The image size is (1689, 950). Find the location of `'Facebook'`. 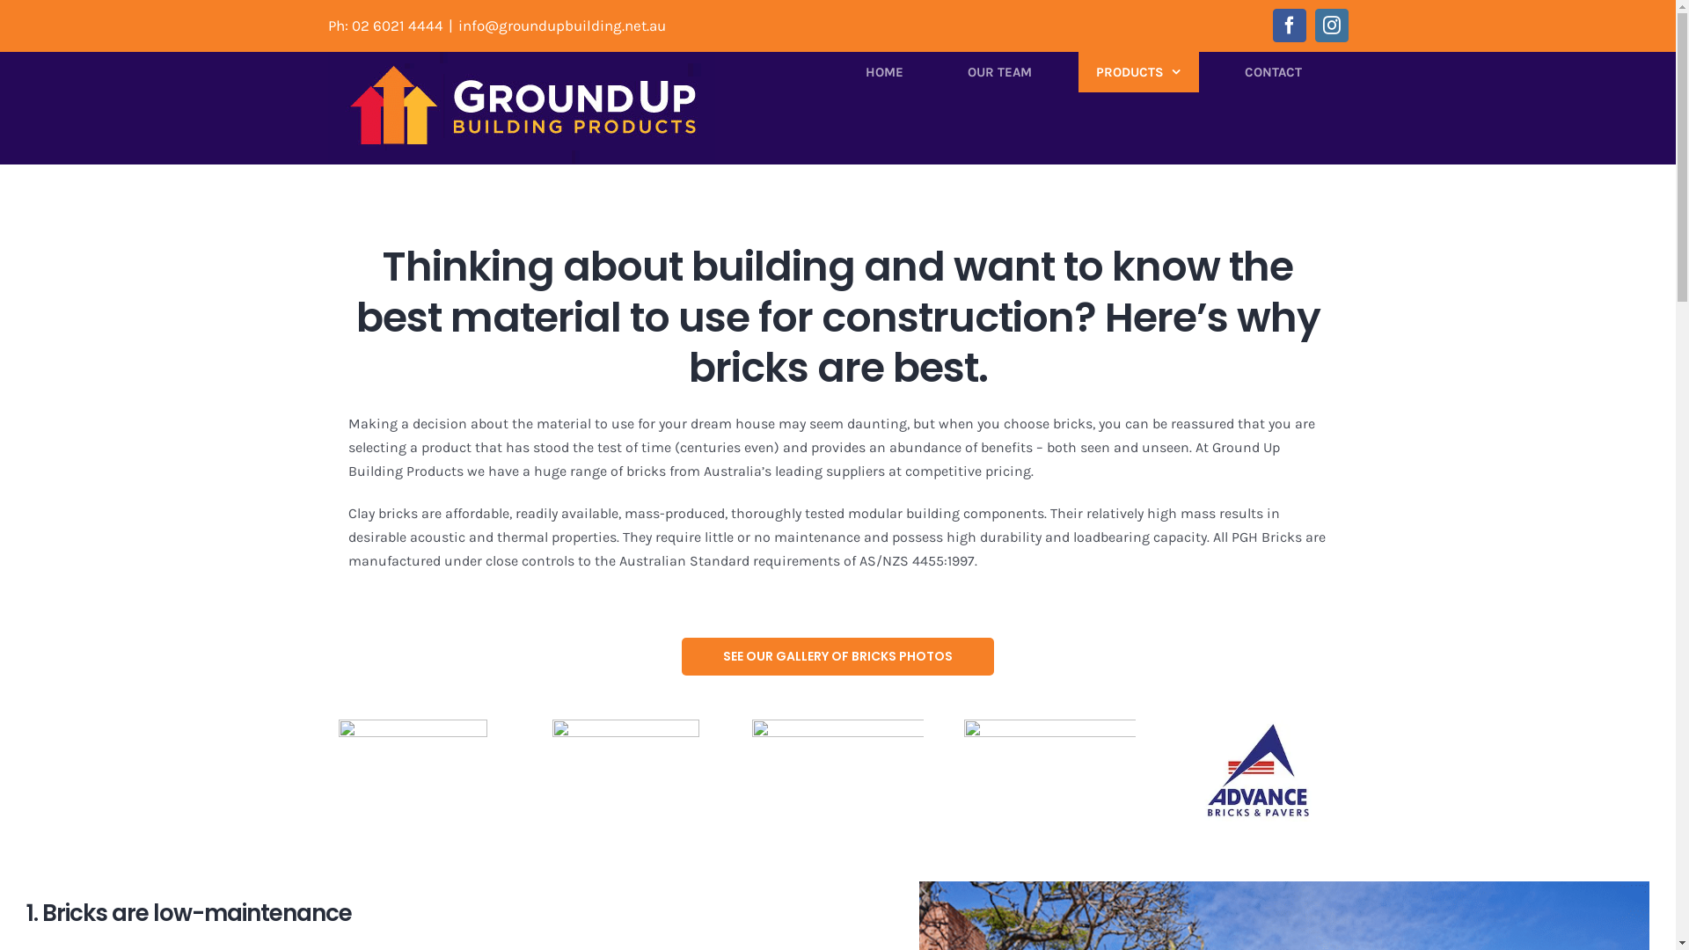

'Facebook' is located at coordinates (1288, 26).